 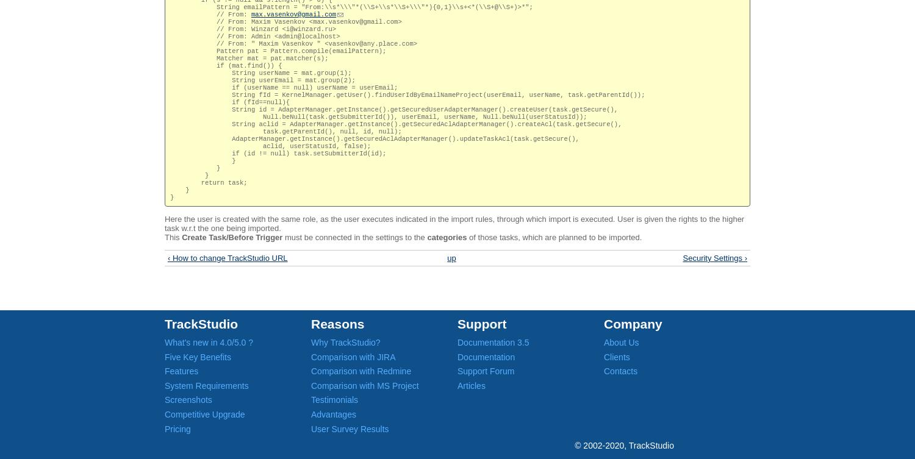 What do you see at coordinates (181, 371) in the screenshot?
I see `'Features'` at bounding box center [181, 371].